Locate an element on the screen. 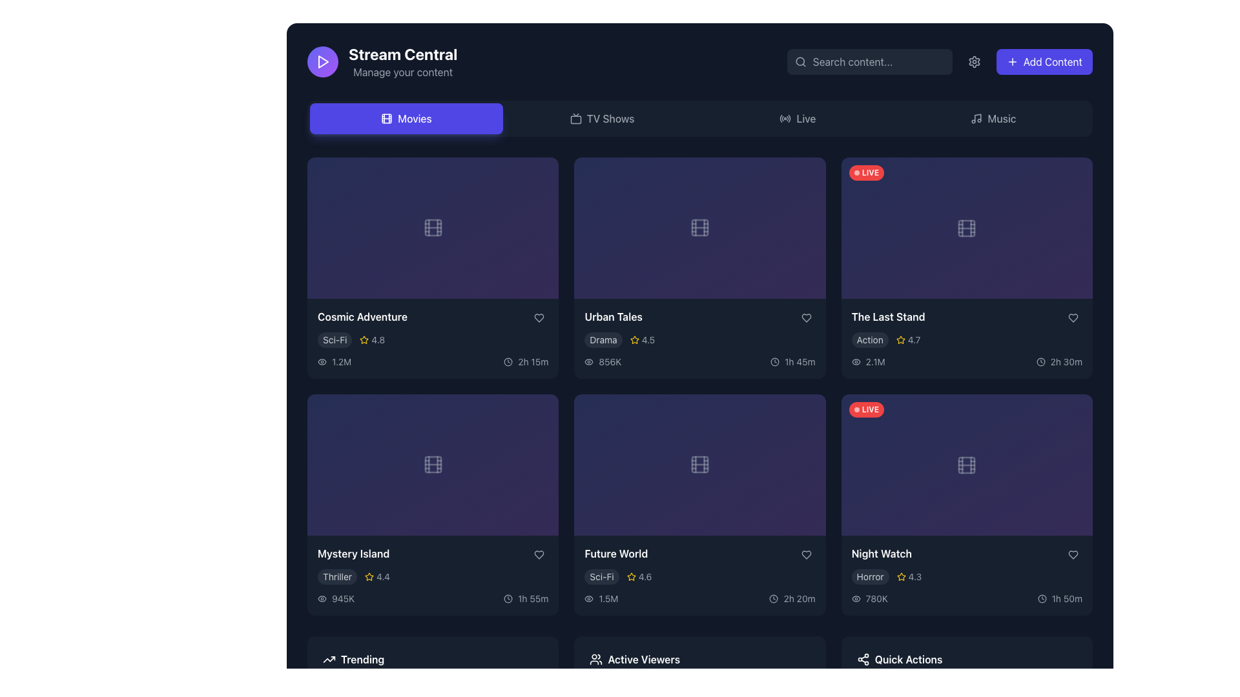  the movie or video content icon located in the third row and first column of the grid structure within the 'Mystery Island' card is located at coordinates (433, 465).